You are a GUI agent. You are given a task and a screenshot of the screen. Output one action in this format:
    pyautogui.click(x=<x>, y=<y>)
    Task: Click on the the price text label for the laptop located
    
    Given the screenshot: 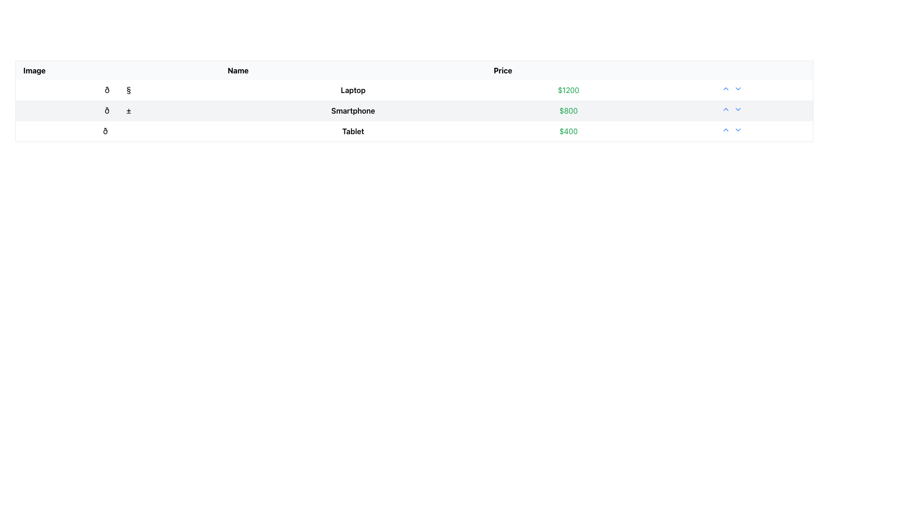 What is the action you would take?
    pyautogui.click(x=568, y=90)
    